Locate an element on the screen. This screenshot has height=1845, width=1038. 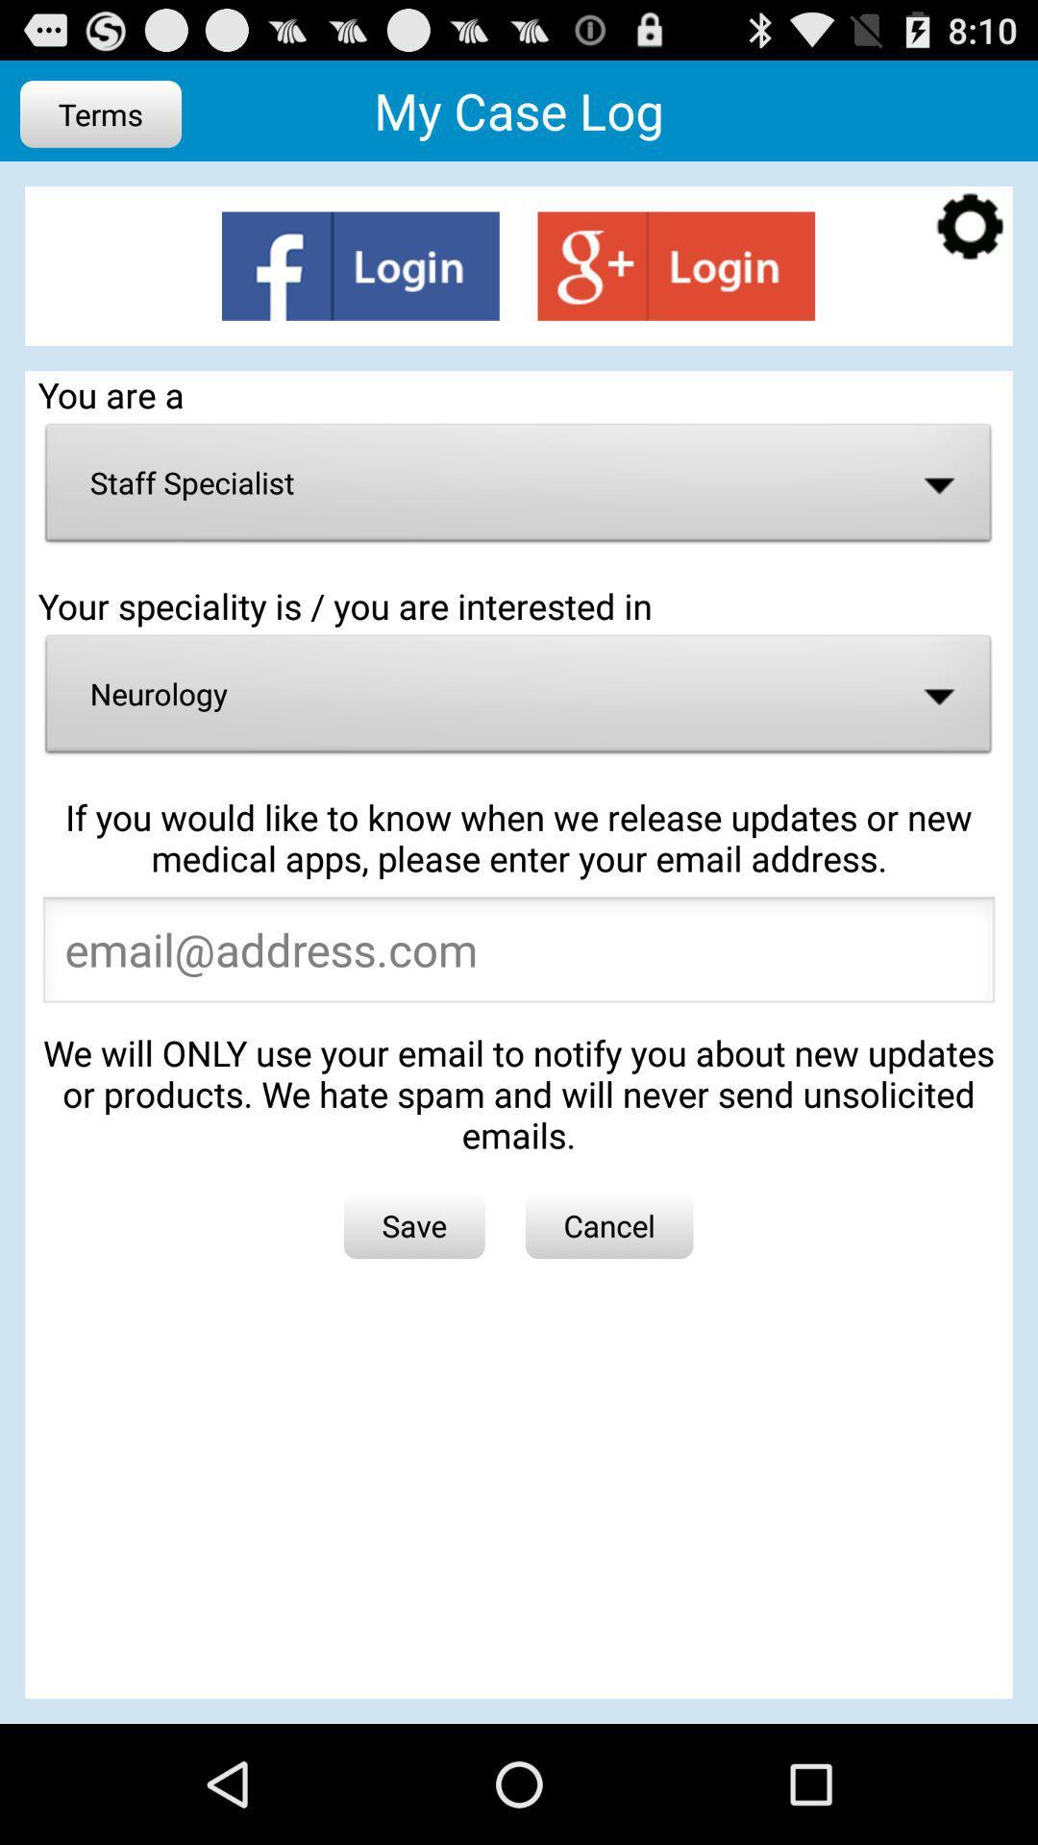
login using facebook is located at coordinates (360, 265).